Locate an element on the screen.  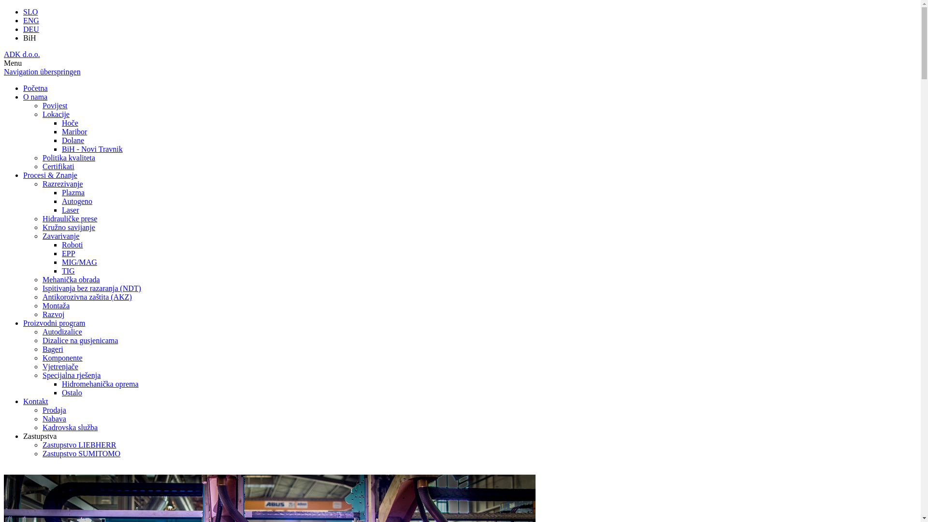
'Zavarivanje' is located at coordinates (42, 236).